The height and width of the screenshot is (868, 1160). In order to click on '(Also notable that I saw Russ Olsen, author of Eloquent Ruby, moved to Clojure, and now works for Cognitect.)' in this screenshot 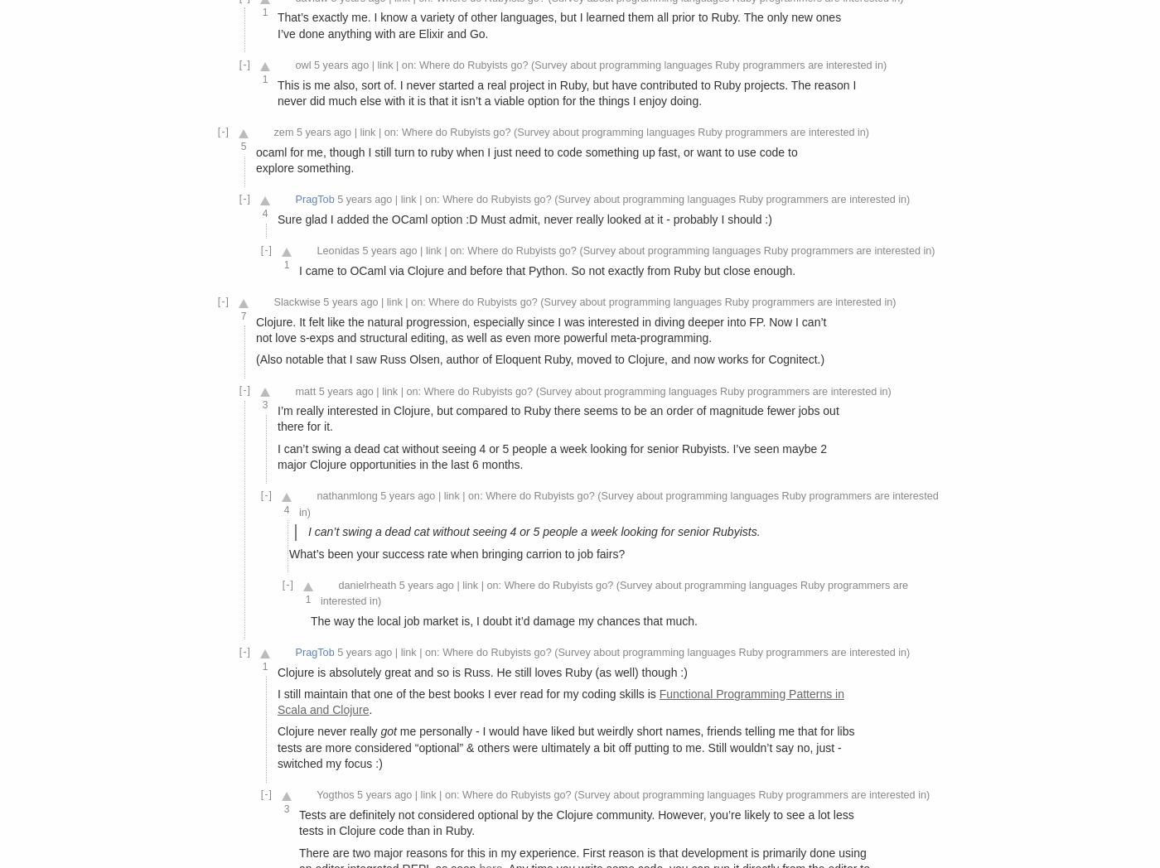, I will do `click(539, 359)`.